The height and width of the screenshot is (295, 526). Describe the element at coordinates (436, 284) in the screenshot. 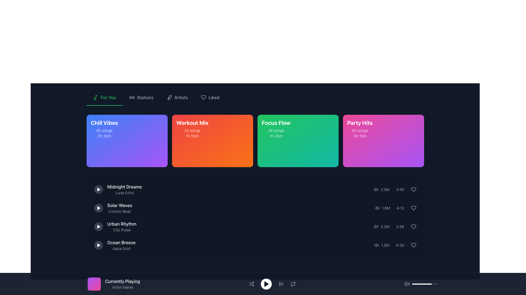

I see `the slider` at that location.